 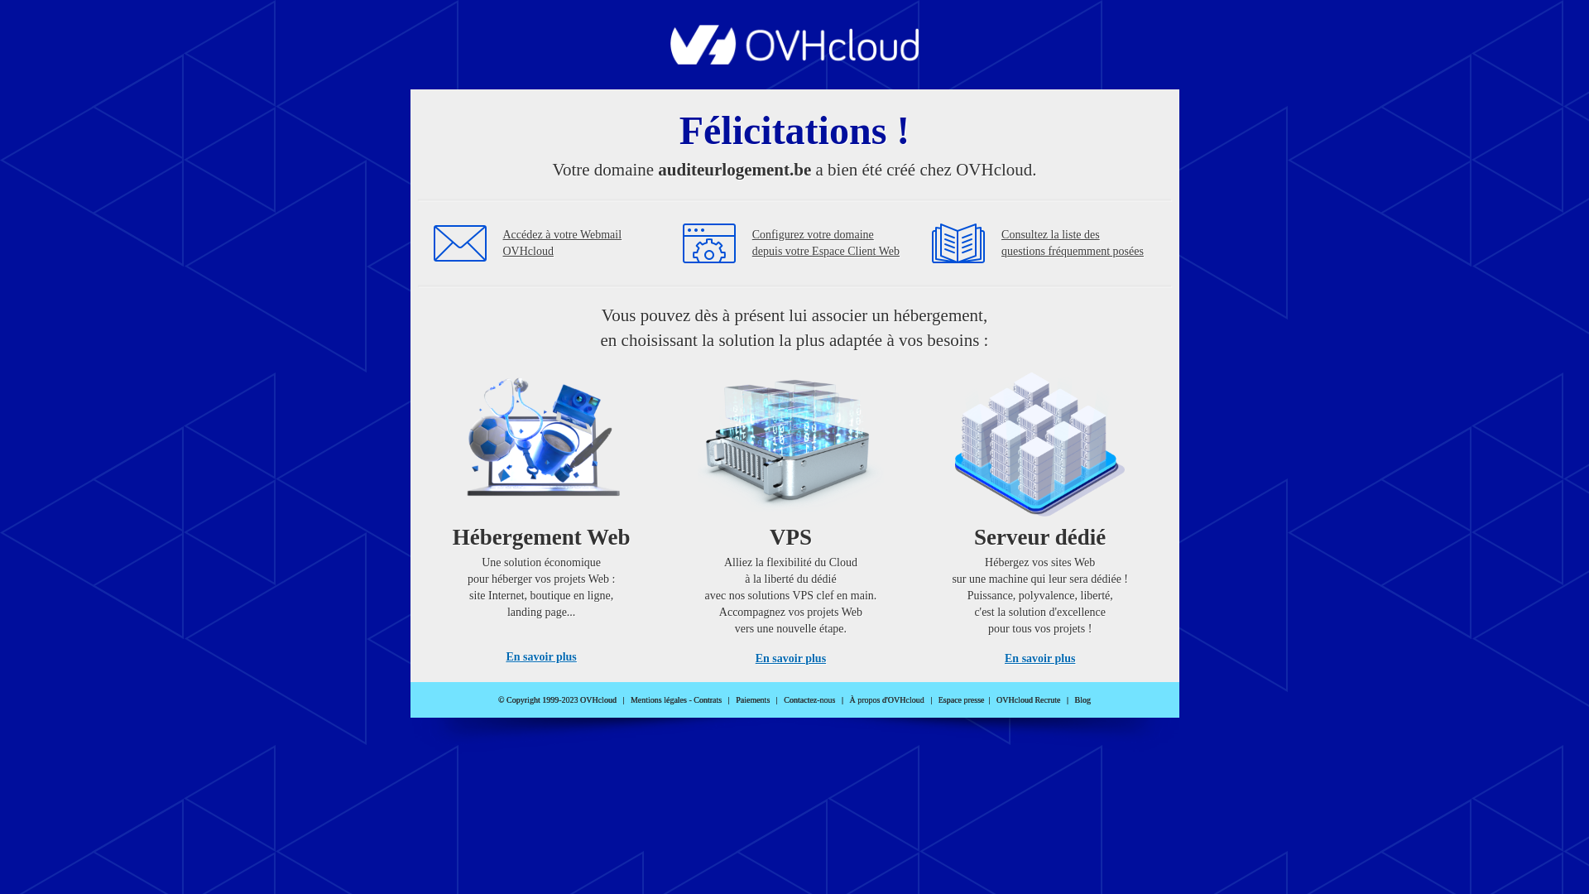 I want to click on 'Configurez votre domaine, so click(x=826, y=243).